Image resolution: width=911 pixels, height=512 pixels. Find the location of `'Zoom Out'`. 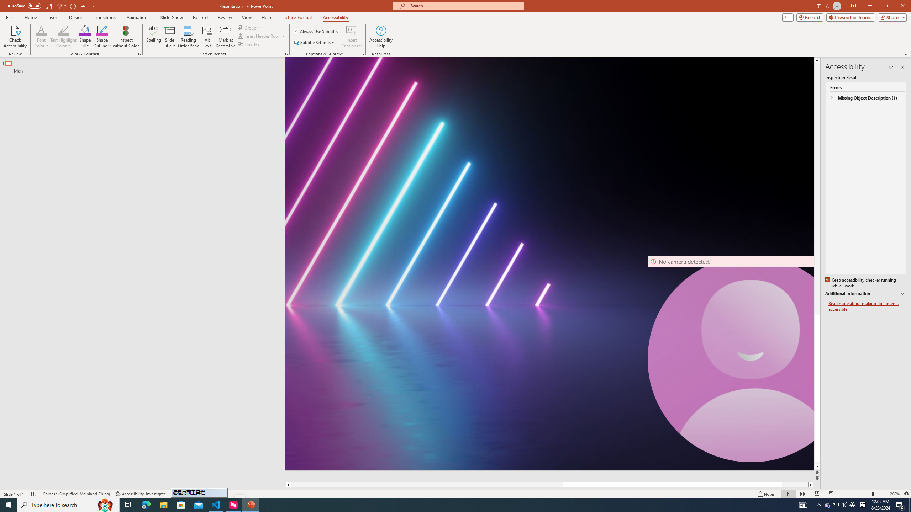

'Zoom Out' is located at coordinates (858, 494).